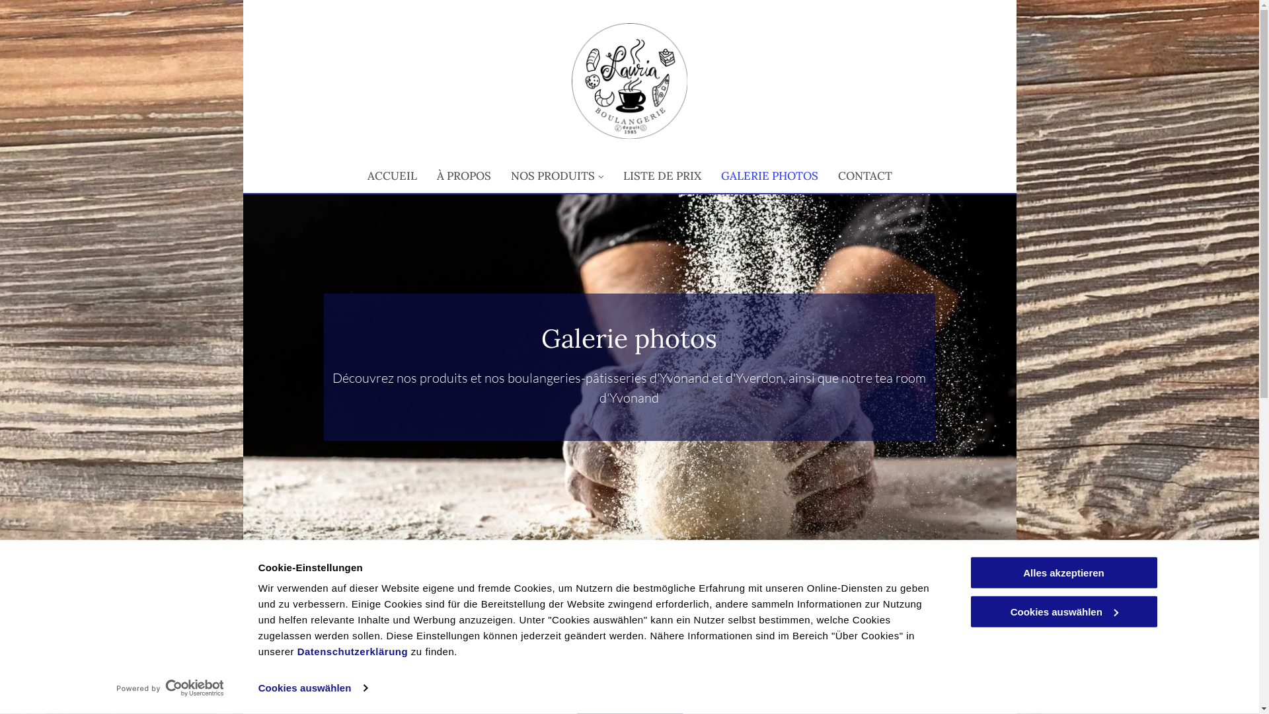 Image resolution: width=1269 pixels, height=714 pixels. What do you see at coordinates (769, 175) in the screenshot?
I see `'GALERIE PHOTOS'` at bounding box center [769, 175].